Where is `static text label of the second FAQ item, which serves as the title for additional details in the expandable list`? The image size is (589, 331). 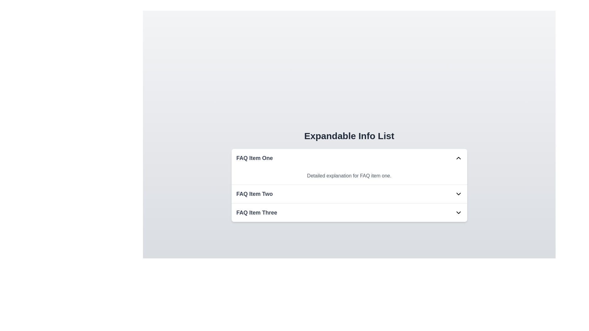 static text label of the second FAQ item, which serves as the title for additional details in the expandable list is located at coordinates (254, 194).